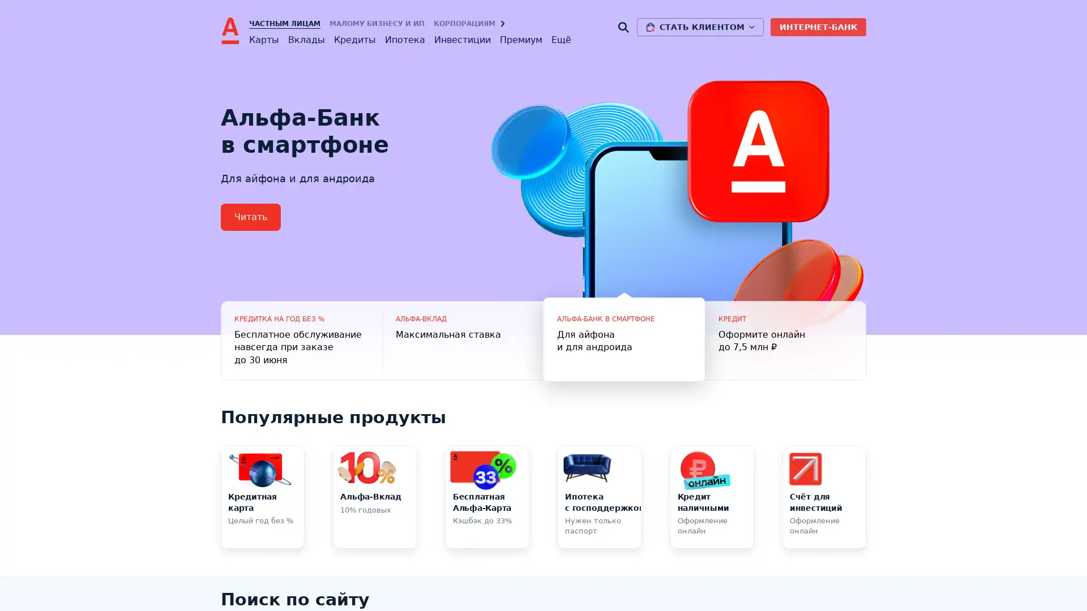  What do you see at coordinates (785, 339) in the screenshot?
I see `7,5` at bounding box center [785, 339].